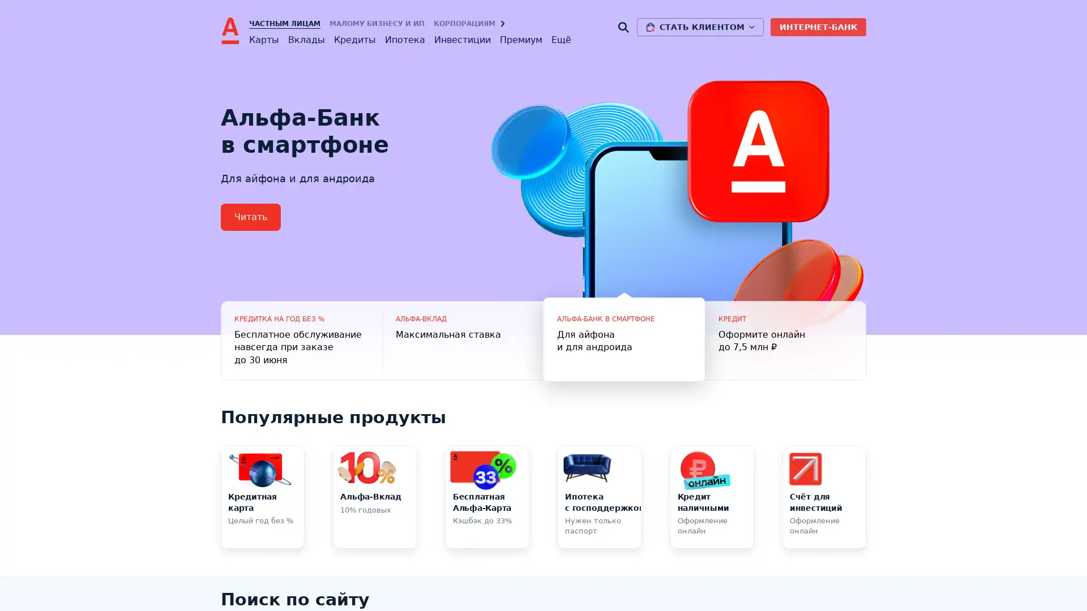  What do you see at coordinates (785, 339) in the screenshot?
I see `7,5` at bounding box center [785, 339].